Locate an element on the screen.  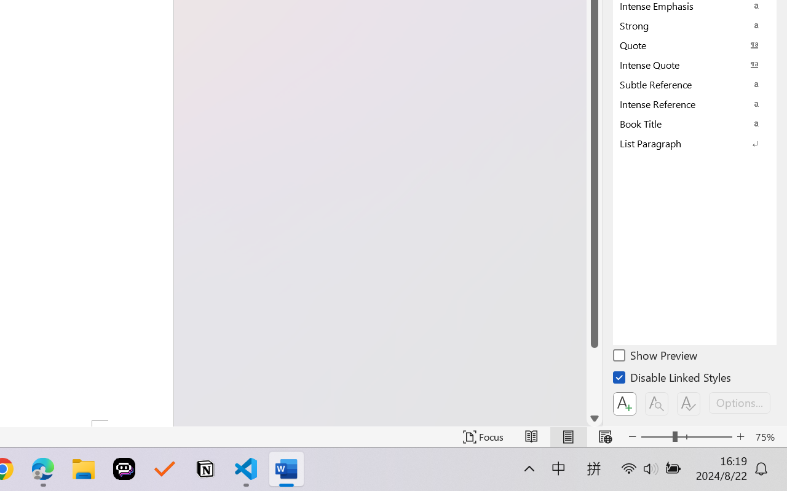
'Quote' is located at coordinates (695, 45).